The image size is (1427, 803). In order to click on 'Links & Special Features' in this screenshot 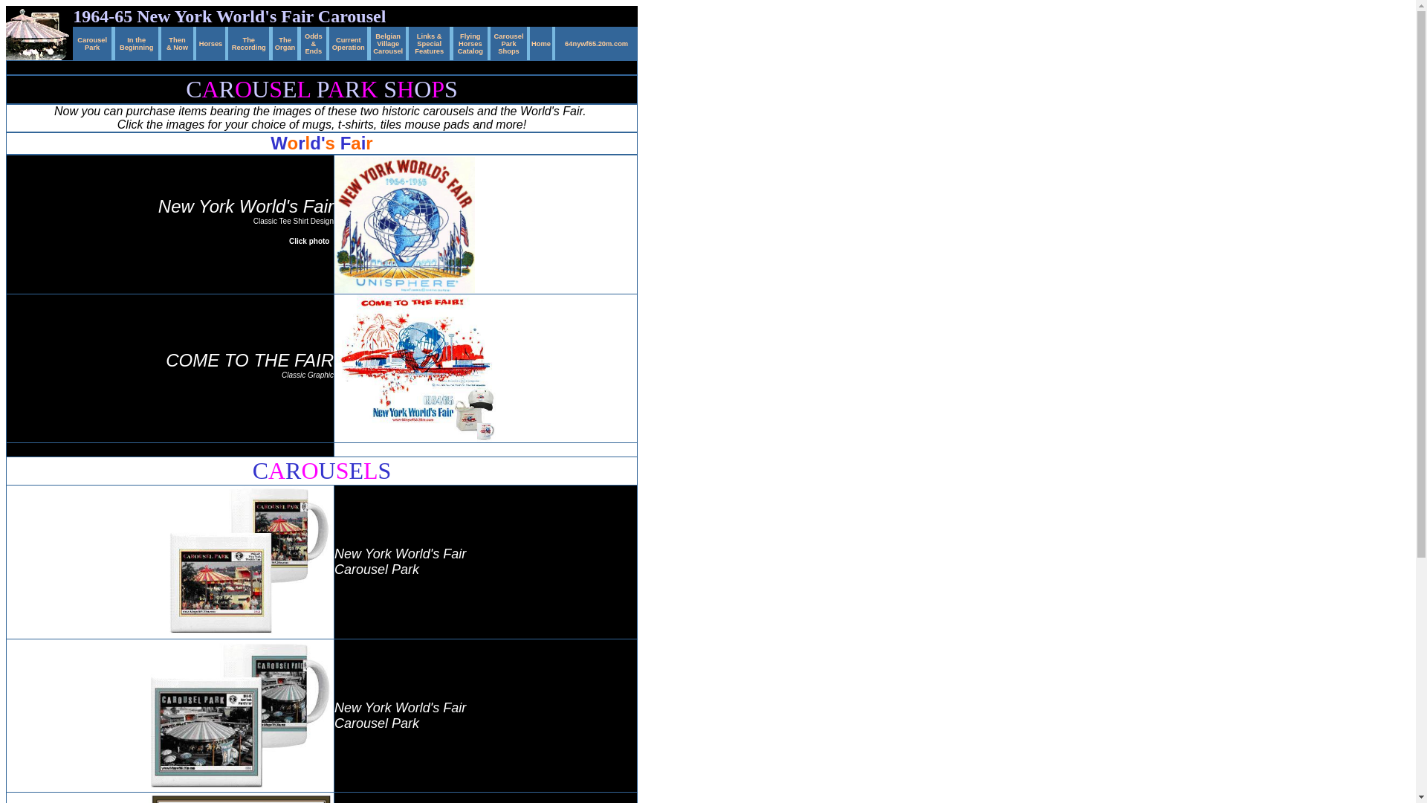, I will do `click(414, 41)`.